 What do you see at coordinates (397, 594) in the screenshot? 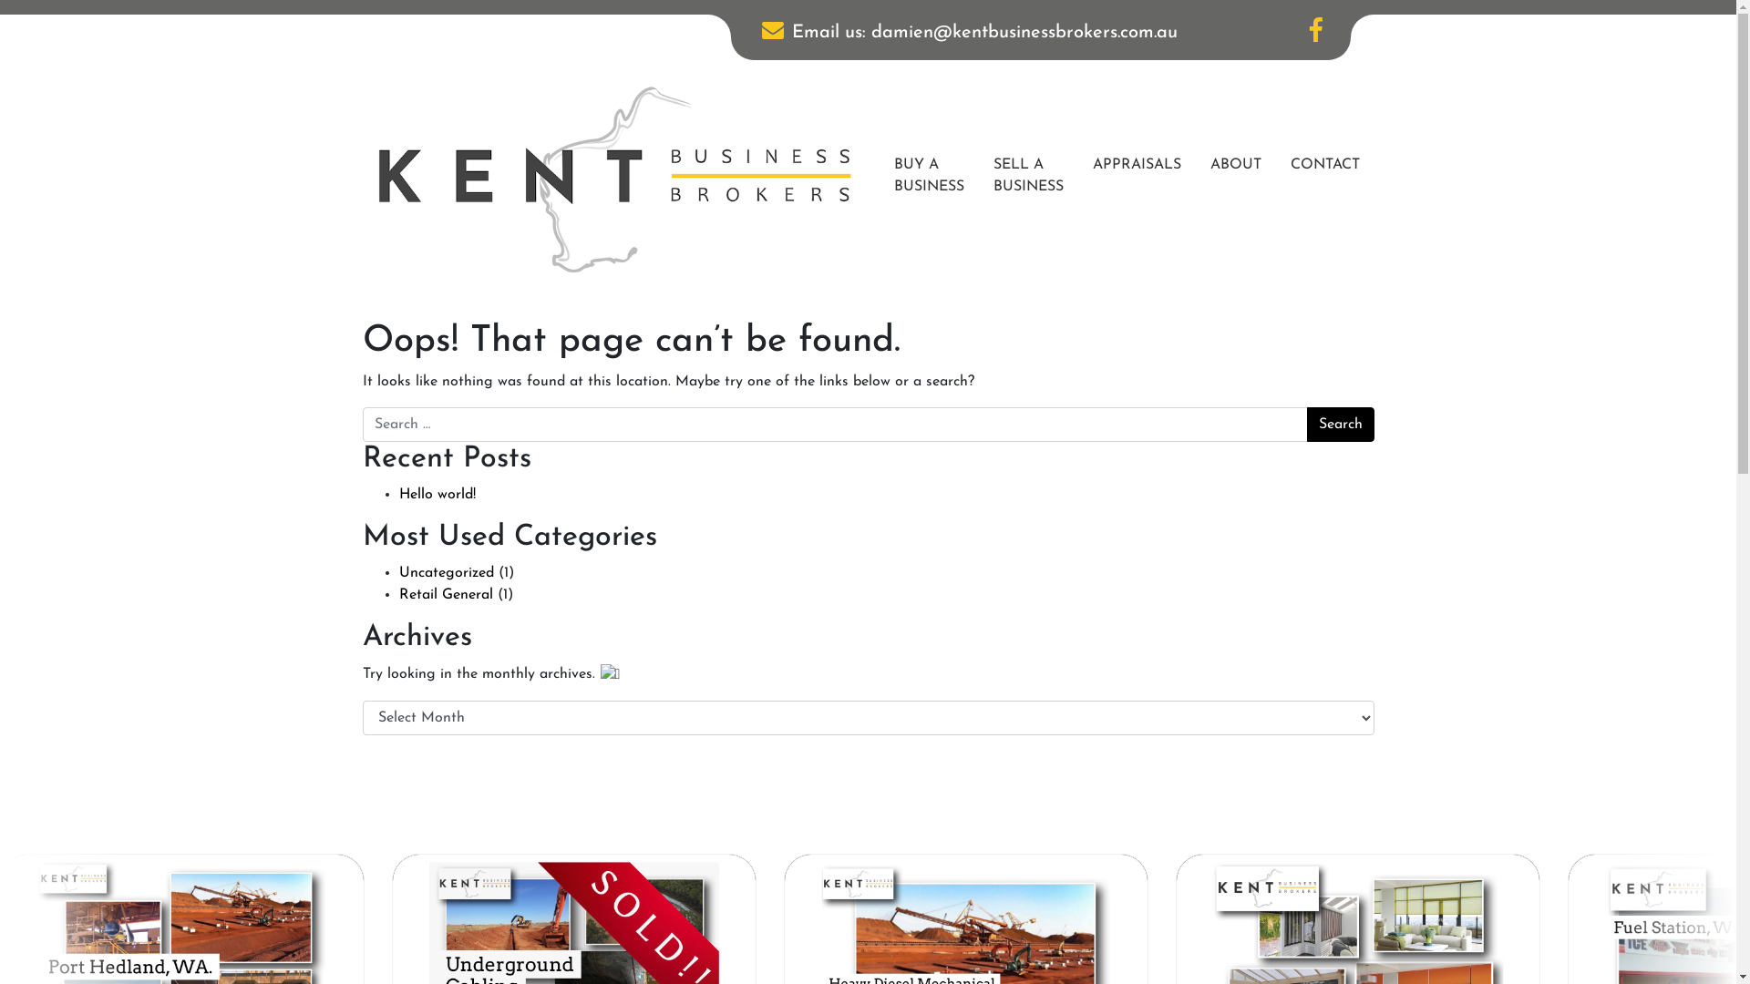
I see `'Retail General'` at bounding box center [397, 594].